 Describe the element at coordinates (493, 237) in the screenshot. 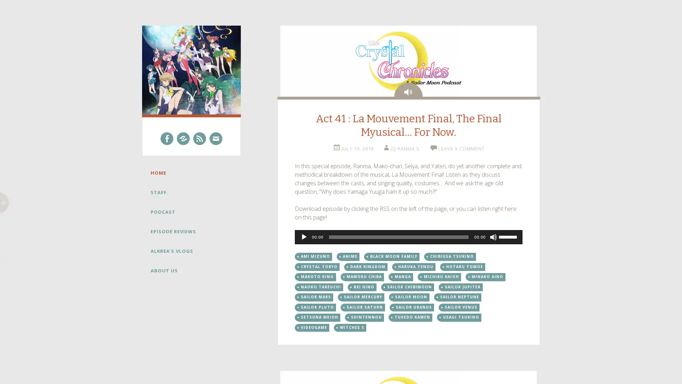

I see `Mute` at that location.